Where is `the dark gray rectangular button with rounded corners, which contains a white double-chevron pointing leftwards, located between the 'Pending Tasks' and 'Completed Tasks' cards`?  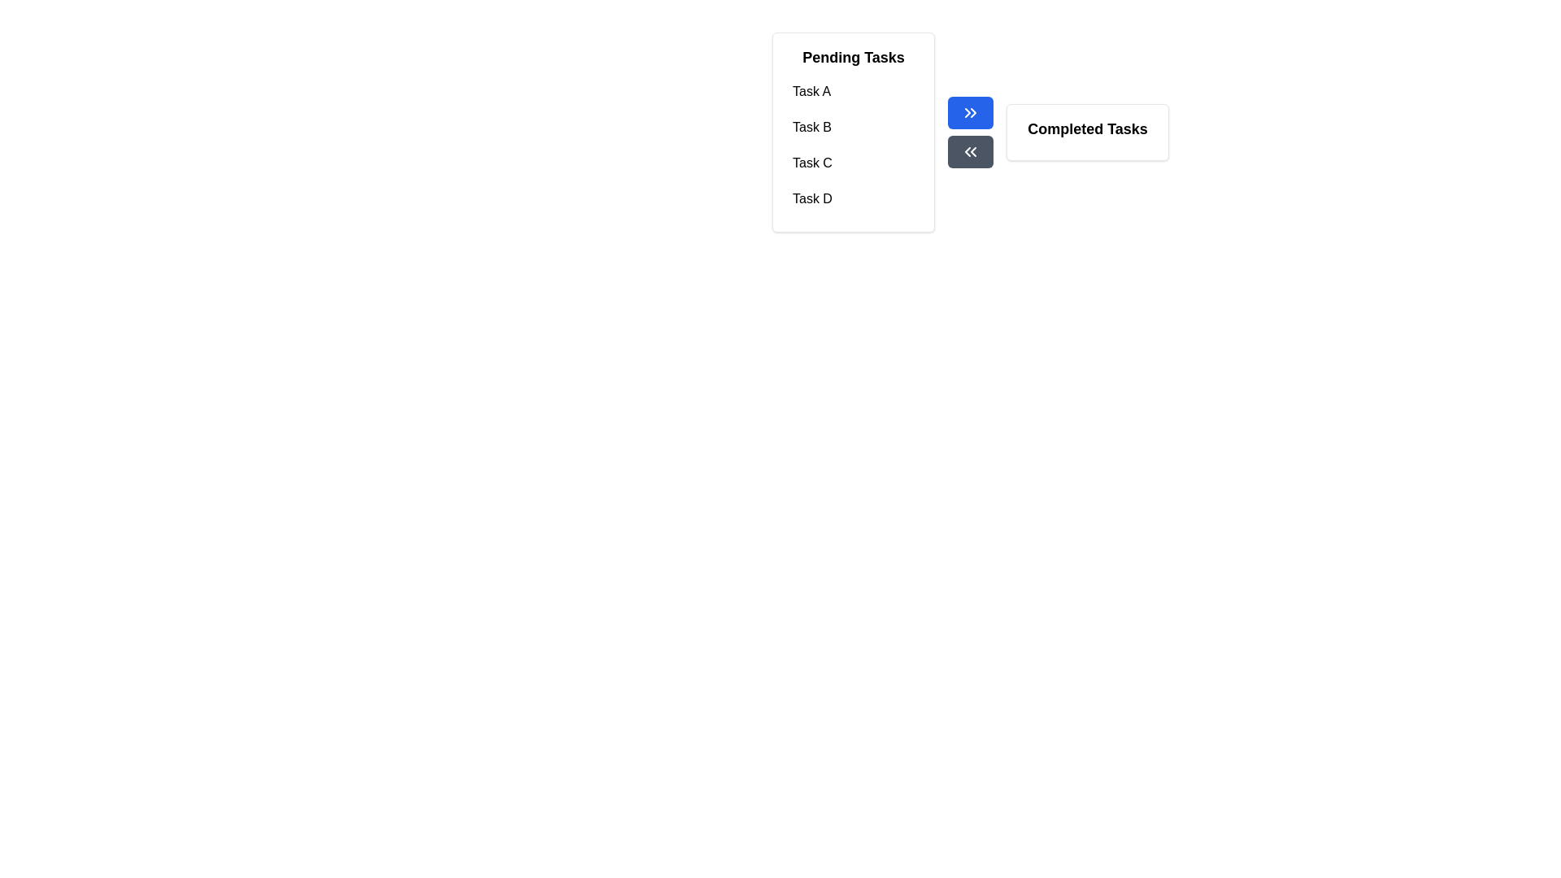
the dark gray rectangular button with rounded corners, which contains a white double-chevron pointing leftwards, located between the 'Pending Tasks' and 'Completed Tasks' cards is located at coordinates (971, 151).